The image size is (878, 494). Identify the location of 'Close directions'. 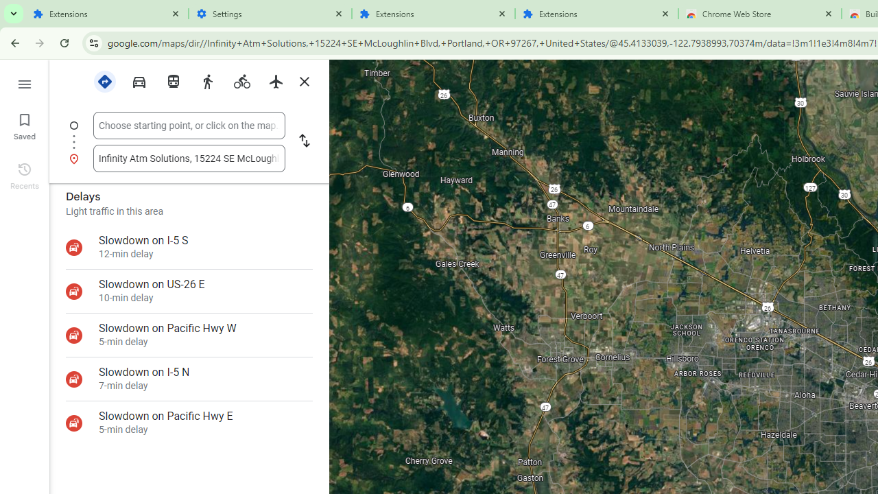
(303, 82).